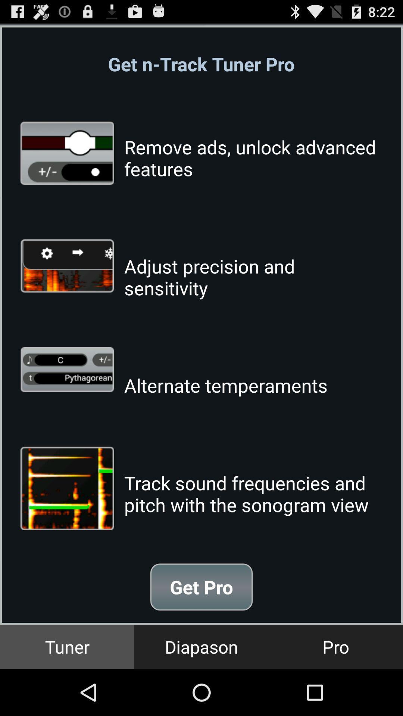 The image size is (403, 716). Describe the element at coordinates (201, 646) in the screenshot. I see `the button to the left of pro button` at that location.